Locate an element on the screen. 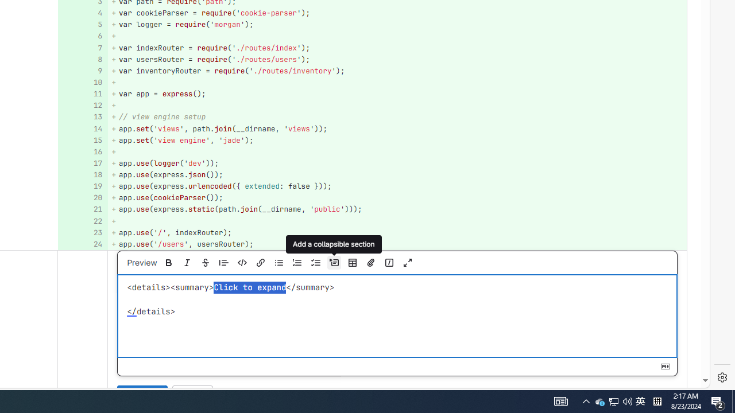 The height and width of the screenshot is (413, 735). '11' is located at coordinates (81, 93).